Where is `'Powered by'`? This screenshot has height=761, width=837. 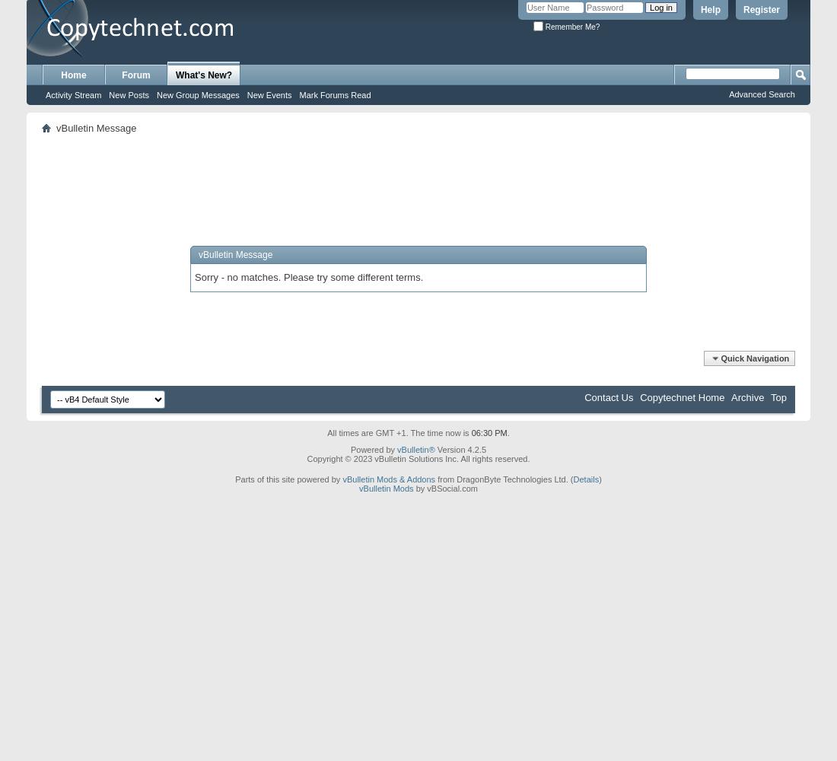
'Powered by' is located at coordinates (374, 448).